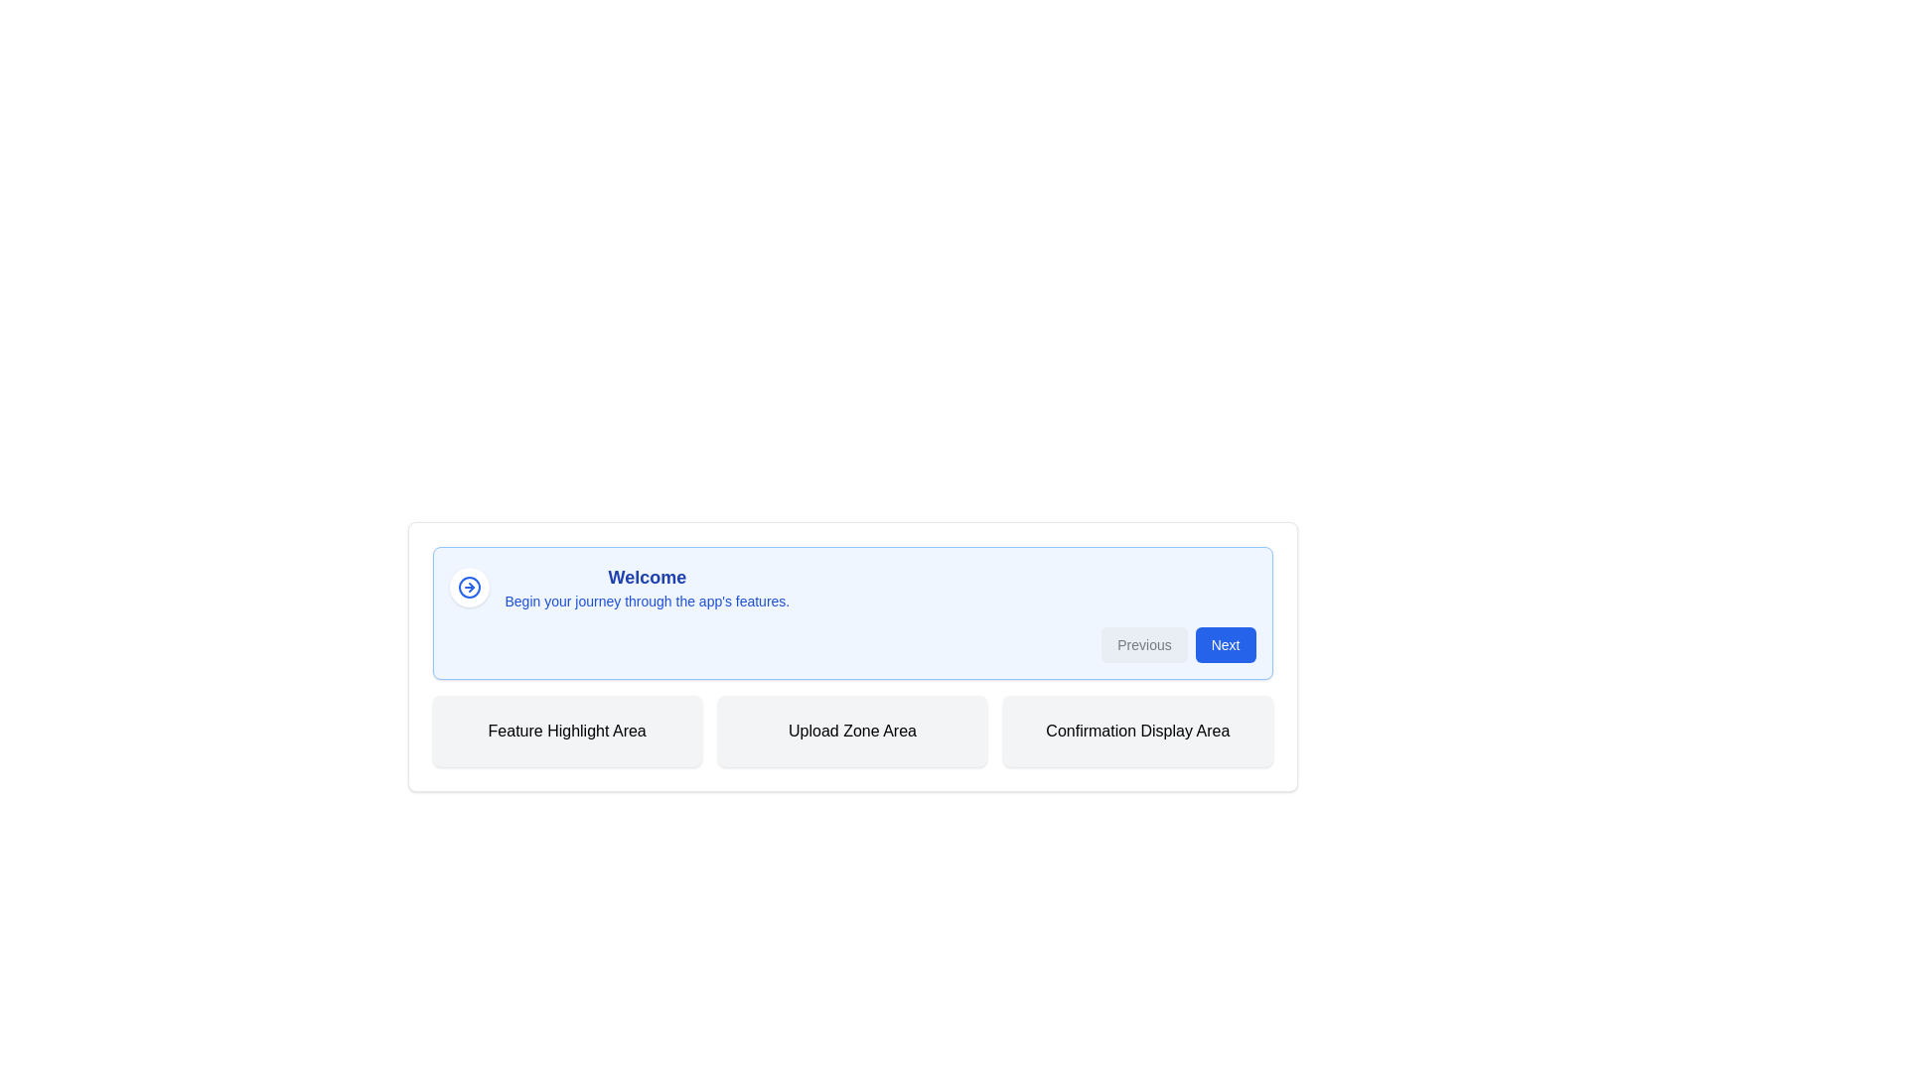 This screenshot has height=1072, width=1907. Describe the element at coordinates (647, 586) in the screenshot. I see `the introductory text displayed at the top section of the interface, which welcomes users` at that location.